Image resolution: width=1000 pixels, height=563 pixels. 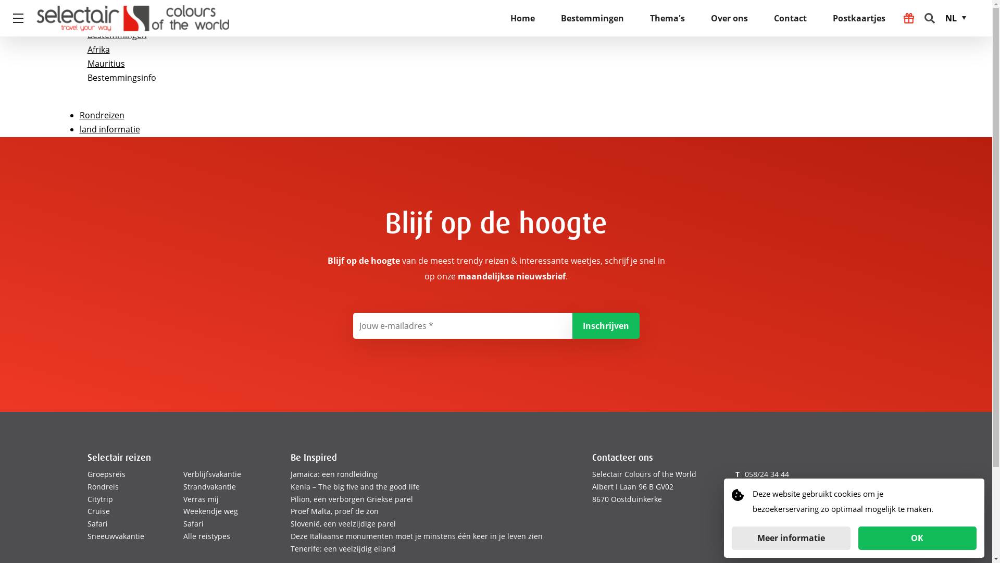 I want to click on 'Groepsreis', so click(x=87, y=474).